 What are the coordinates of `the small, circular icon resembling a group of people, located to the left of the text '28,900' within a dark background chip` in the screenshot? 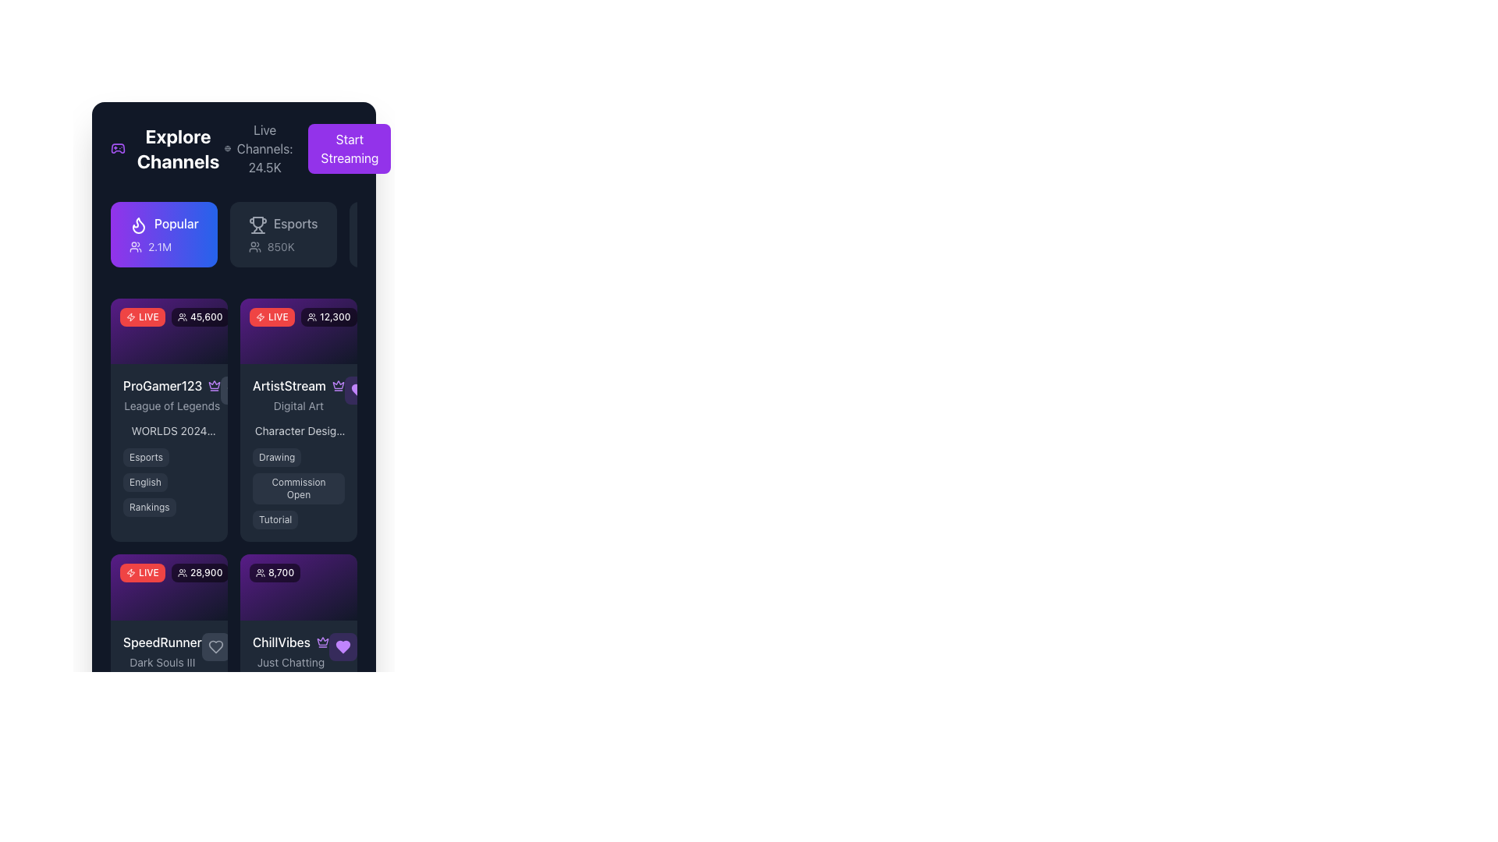 It's located at (182, 573).